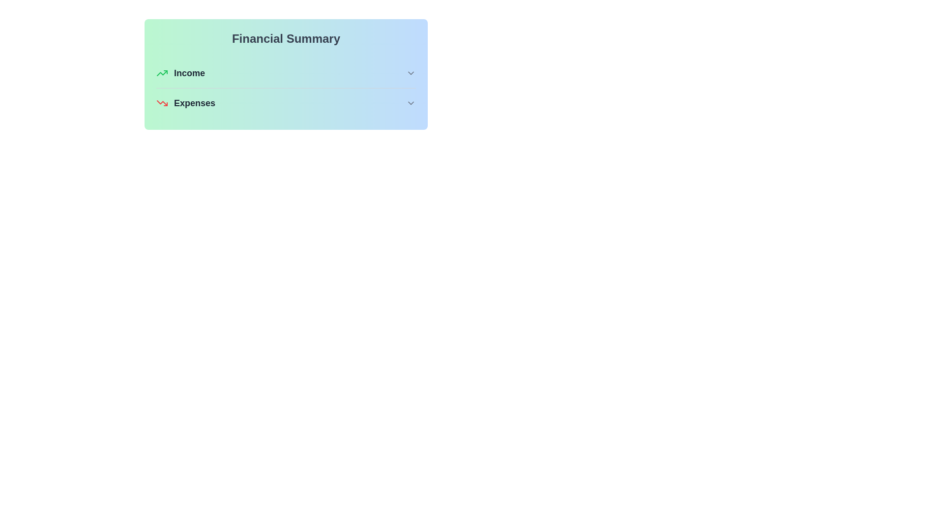  I want to click on the 'Income' text label, which is bold and gray, located above the 'Expenses' label and to the right of a green upward trend icon in the financial summary section, so click(189, 73).